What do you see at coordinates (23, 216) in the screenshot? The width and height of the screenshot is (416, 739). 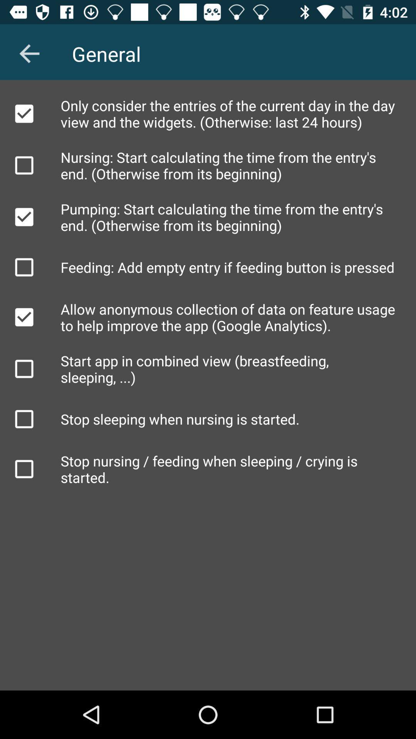 I see `options` at bounding box center [23, 216].